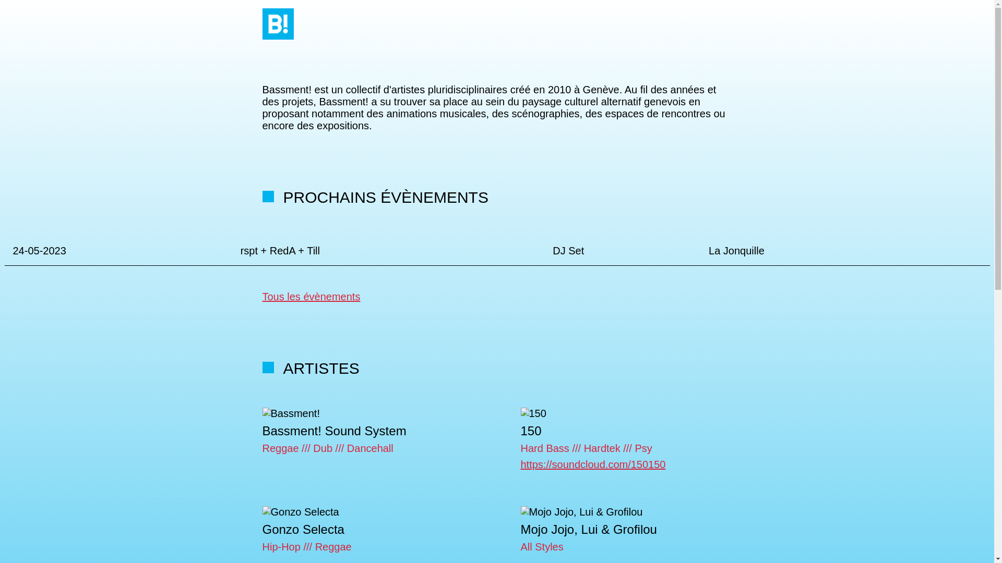 This screenshot has width=1002, height=563. What do you see at coordinates (593, 464) in the screenshot?
I see `'https://soundcloud.com/150150'` at bounding box center [593, 464].